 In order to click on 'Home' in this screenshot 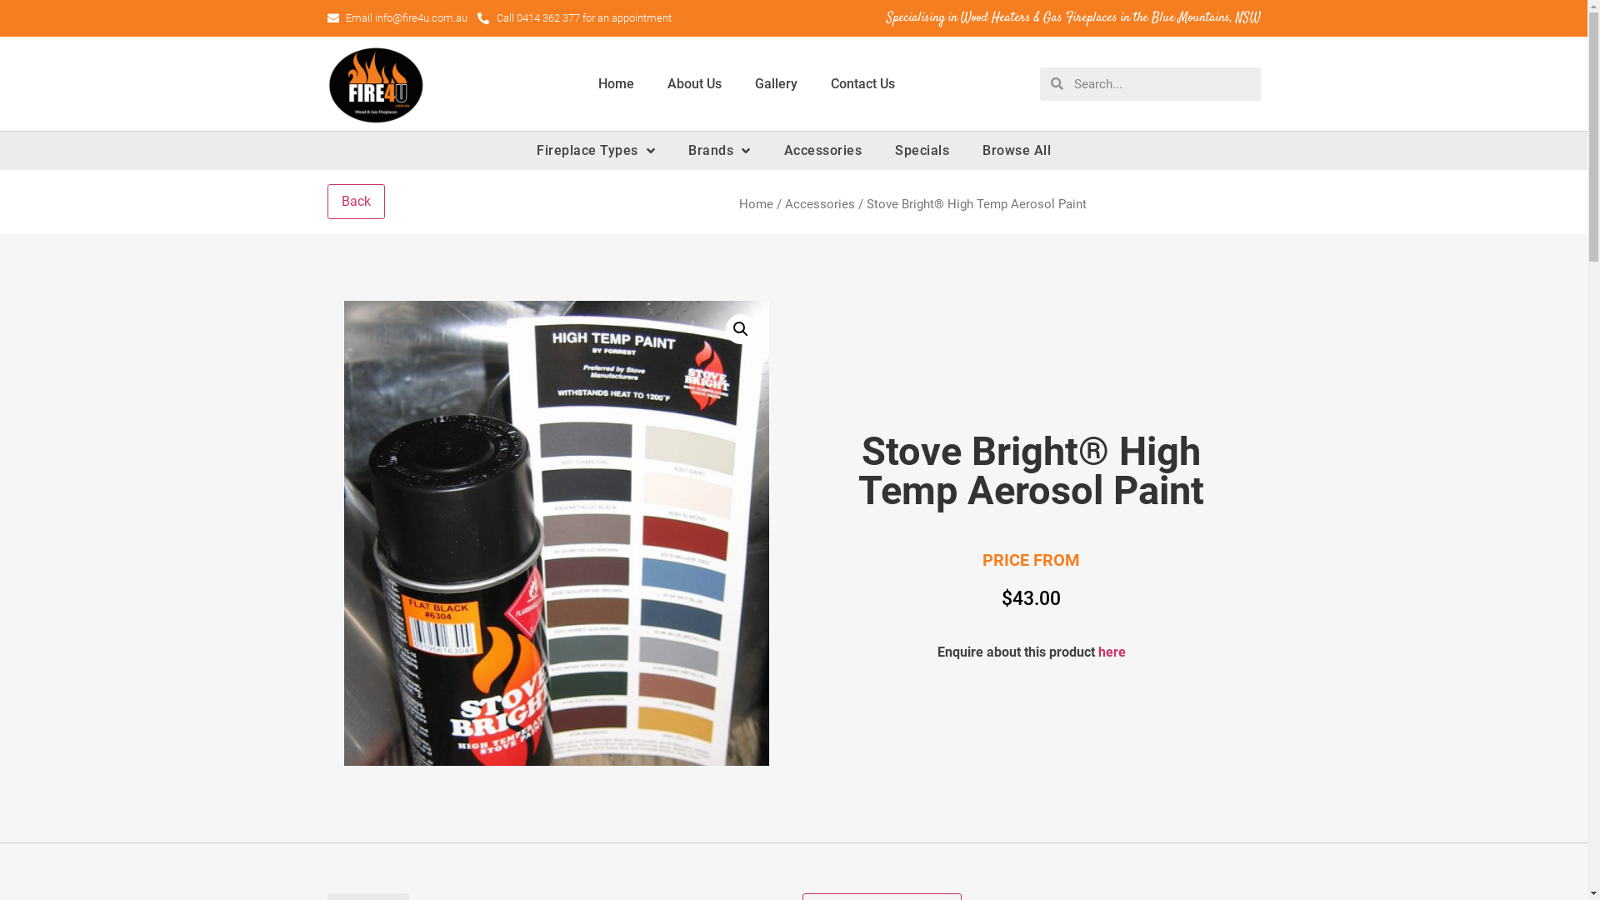, I will do `click(754, 203)`.